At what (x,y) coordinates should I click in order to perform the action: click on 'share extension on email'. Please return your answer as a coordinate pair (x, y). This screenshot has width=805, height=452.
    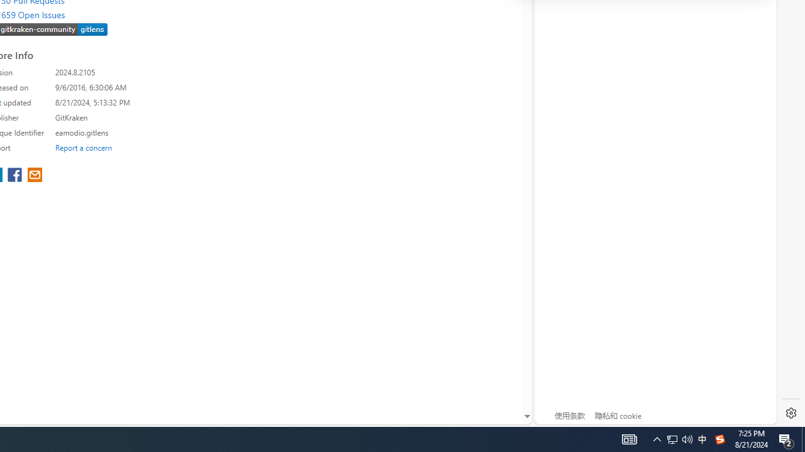
    Looking at the image, I should click on (35, 176).